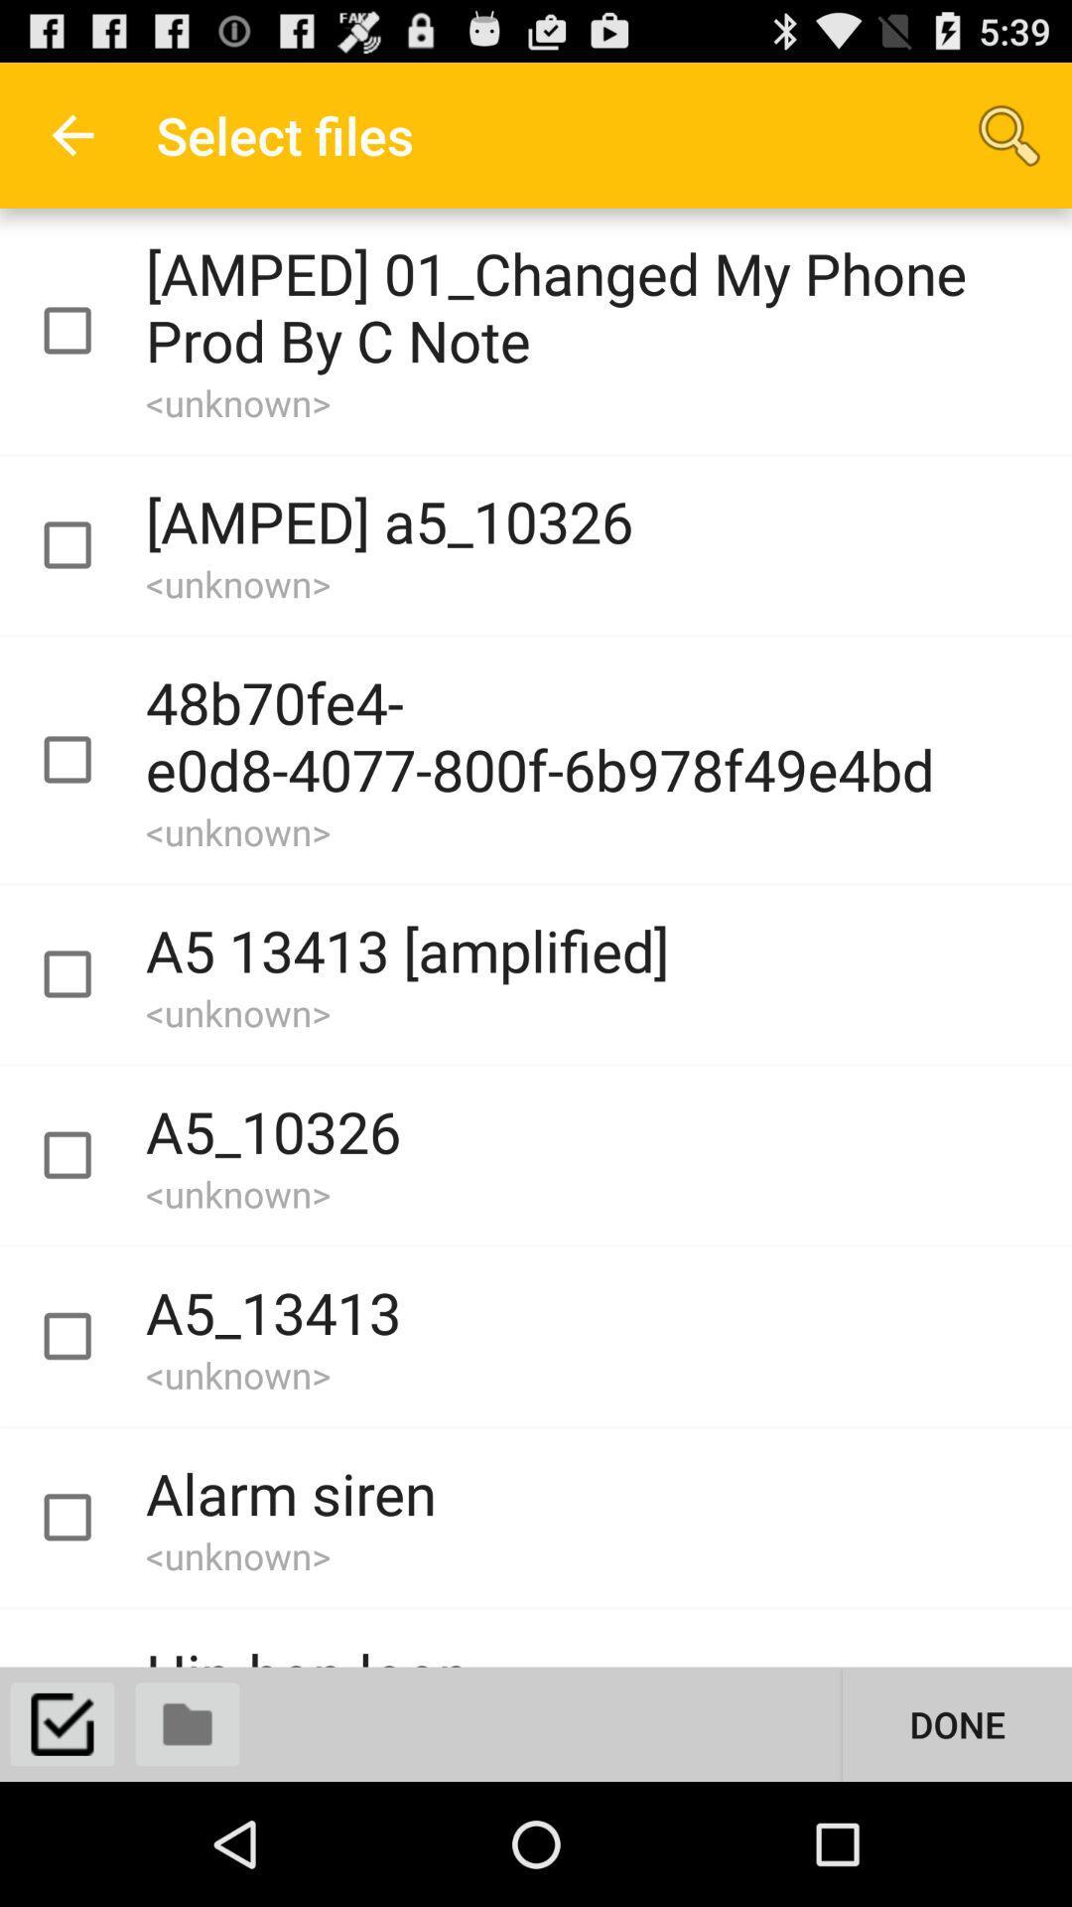 This screenshot has width=1072, height=1907. Describe the element at coordinates (84, 1517) in the screenshot. I see `file` at that location.